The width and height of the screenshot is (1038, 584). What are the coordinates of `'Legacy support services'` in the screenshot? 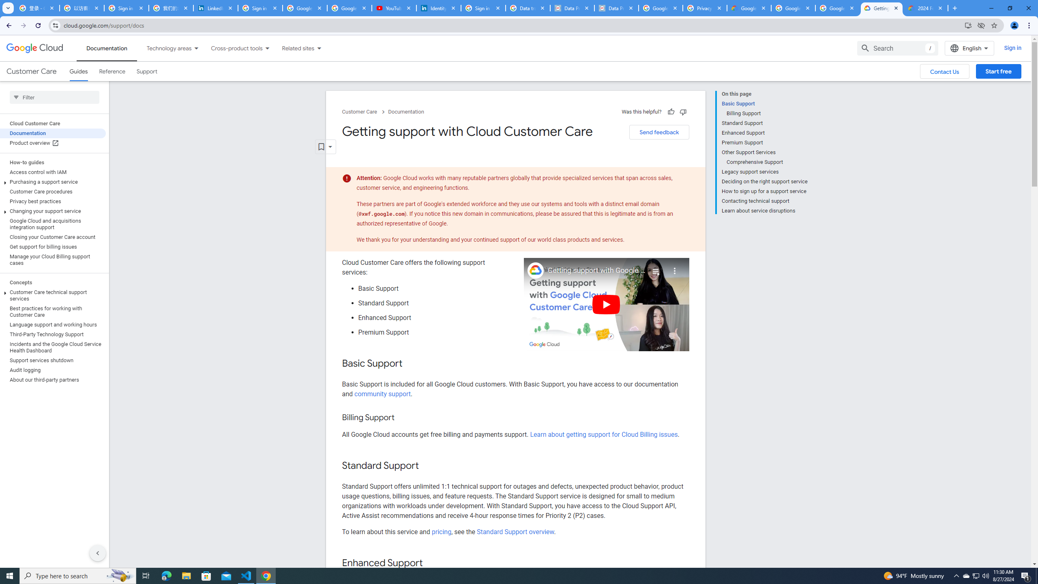 It's located at (764, 172).